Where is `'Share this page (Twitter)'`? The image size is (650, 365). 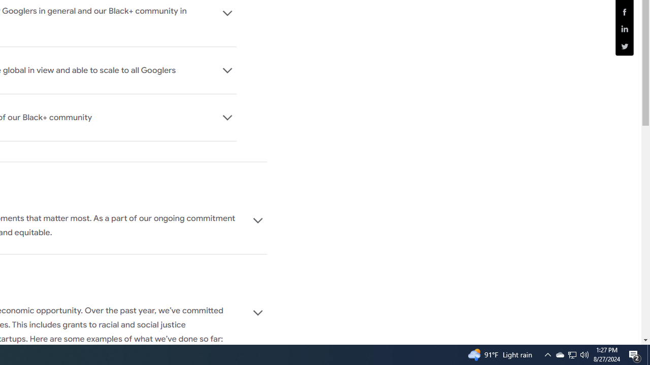 'Share this page (Twitter)' is located at coordinates (624, 46).